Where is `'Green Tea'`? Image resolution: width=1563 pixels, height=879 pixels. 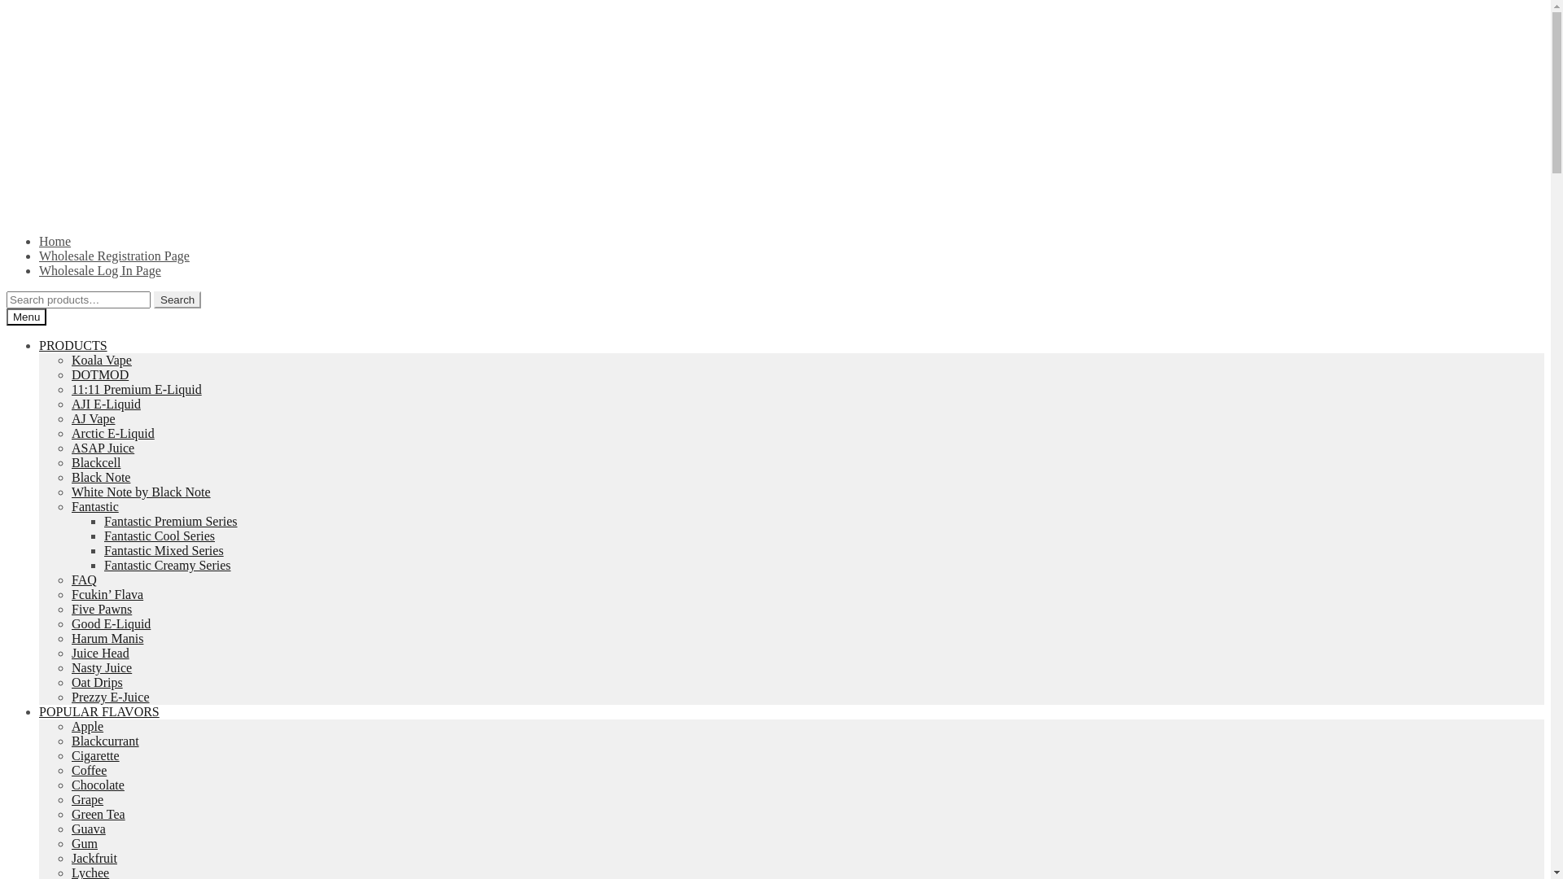
'Green Tea' is located at coordinates (97, 814).